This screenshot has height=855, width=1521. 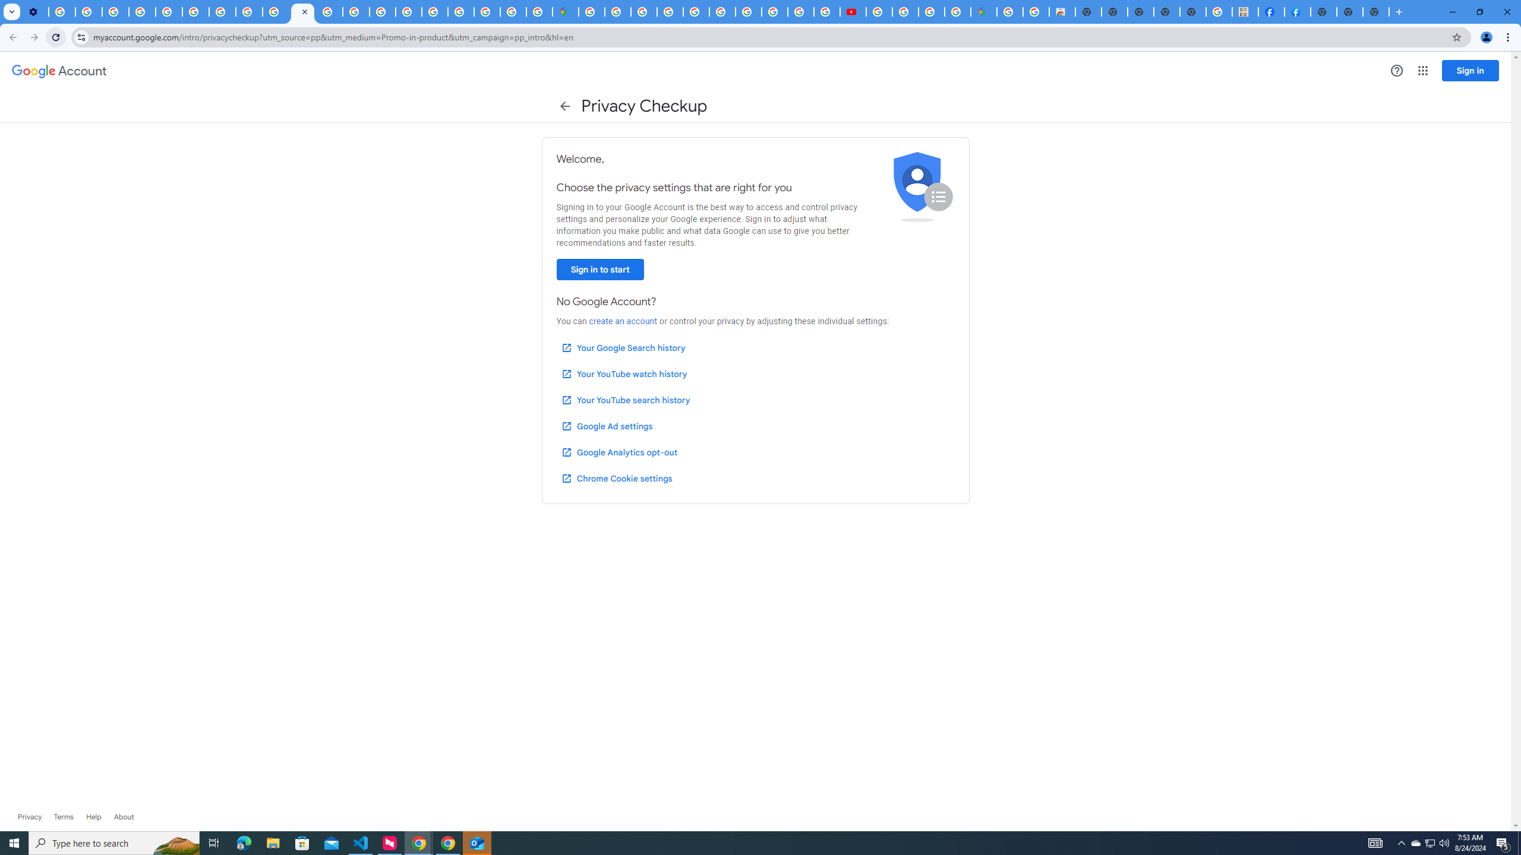 I want to click on 'How Chrome protects your passwords - Google Chrome Help', so click(x=879, y=11).